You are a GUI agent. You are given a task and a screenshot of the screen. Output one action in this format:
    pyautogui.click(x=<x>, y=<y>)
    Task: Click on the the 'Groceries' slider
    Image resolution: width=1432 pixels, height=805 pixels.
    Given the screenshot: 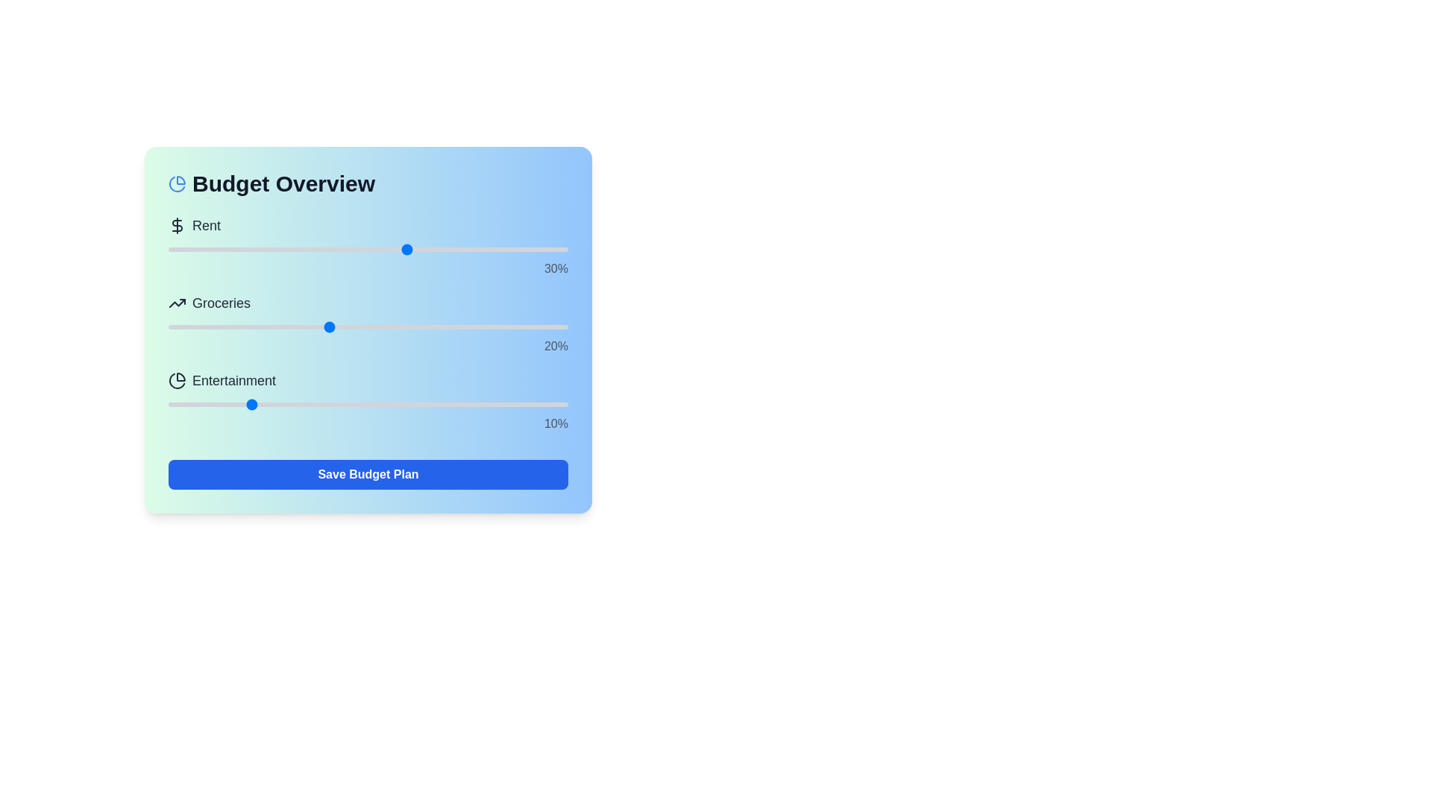 What is the action you would take?
    pyautogui.click(x=368, y=326)
    